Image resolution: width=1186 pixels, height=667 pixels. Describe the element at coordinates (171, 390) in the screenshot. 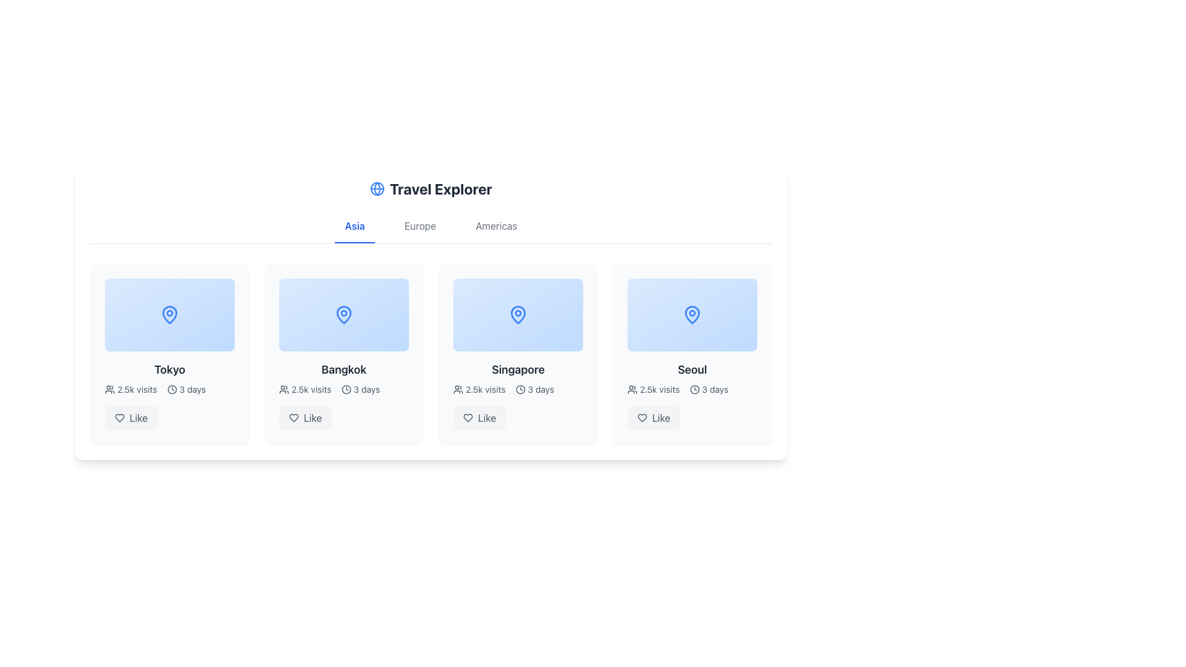

I see `the SVG Circular Stroke element that is part of the clock icon located beneath the 'Tokyo' text in the Asia tab` at that location.